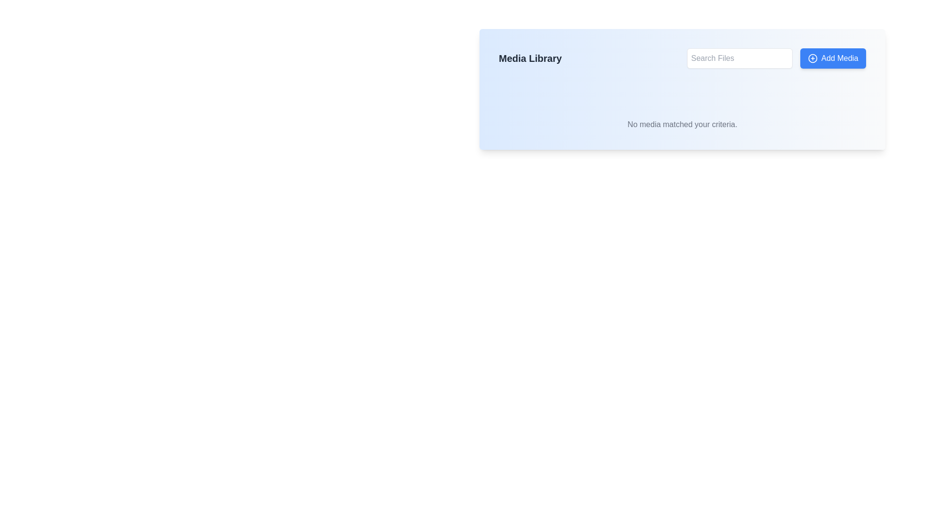 This screenshot has width=929, height=522. Describe the element at coordinates (812, 58) in the screenshot. I see `the circular icon with a plus sign inside, which is part of the 'Add Media' button, located to its left side` at that location.